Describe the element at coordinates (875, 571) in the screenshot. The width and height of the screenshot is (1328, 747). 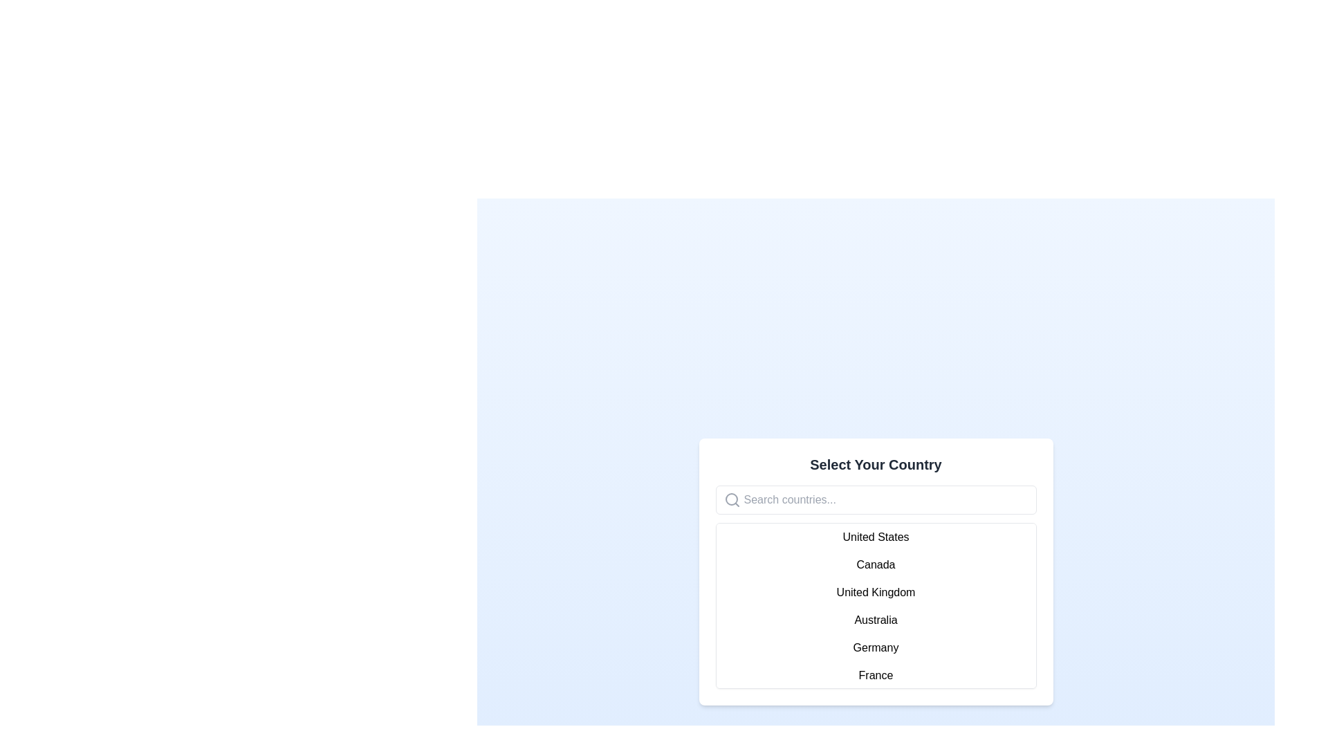
I see `the list item representing 'Canada' in the dropdown menu` at that location.